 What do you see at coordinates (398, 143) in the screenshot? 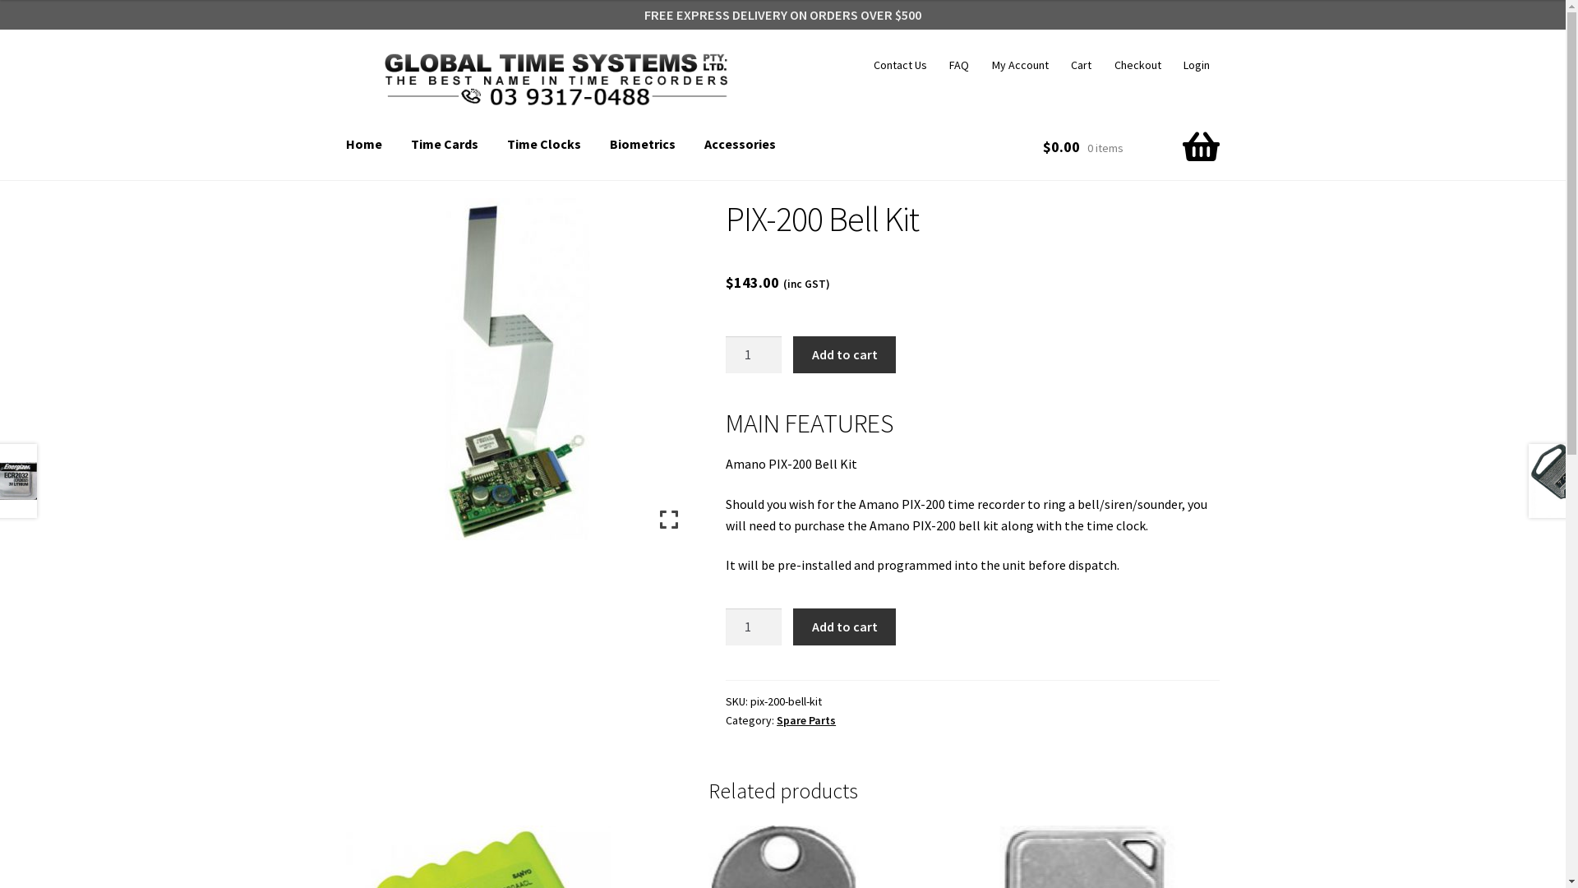
I see `'Time Cards'` at bounding box center [398, 143].